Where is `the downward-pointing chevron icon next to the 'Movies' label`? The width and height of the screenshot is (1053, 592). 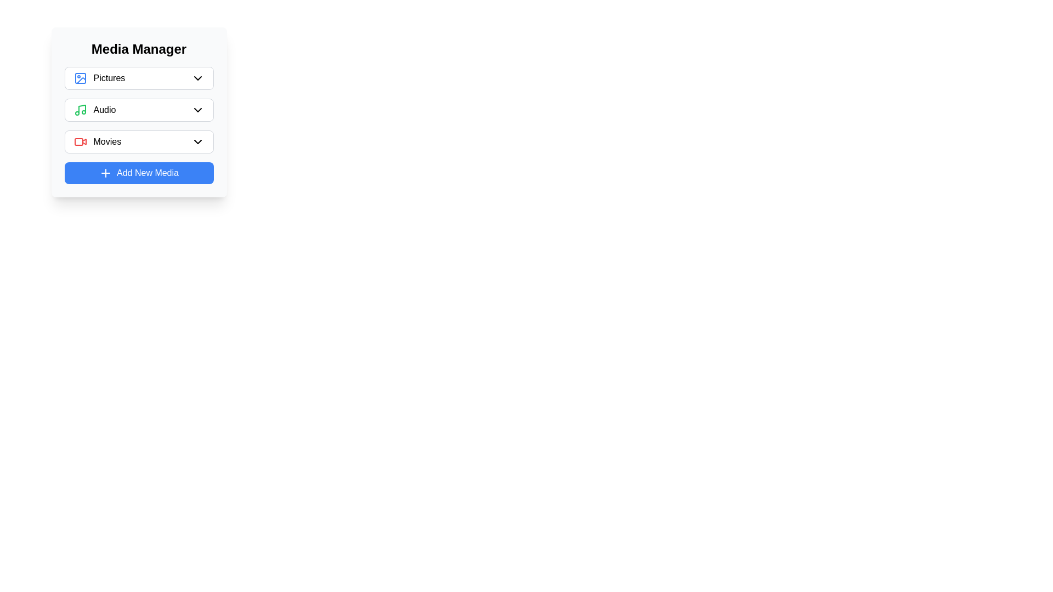
the downward-pointing chevron icon next to the 'Movies' label is located at coordinates (197, 141).